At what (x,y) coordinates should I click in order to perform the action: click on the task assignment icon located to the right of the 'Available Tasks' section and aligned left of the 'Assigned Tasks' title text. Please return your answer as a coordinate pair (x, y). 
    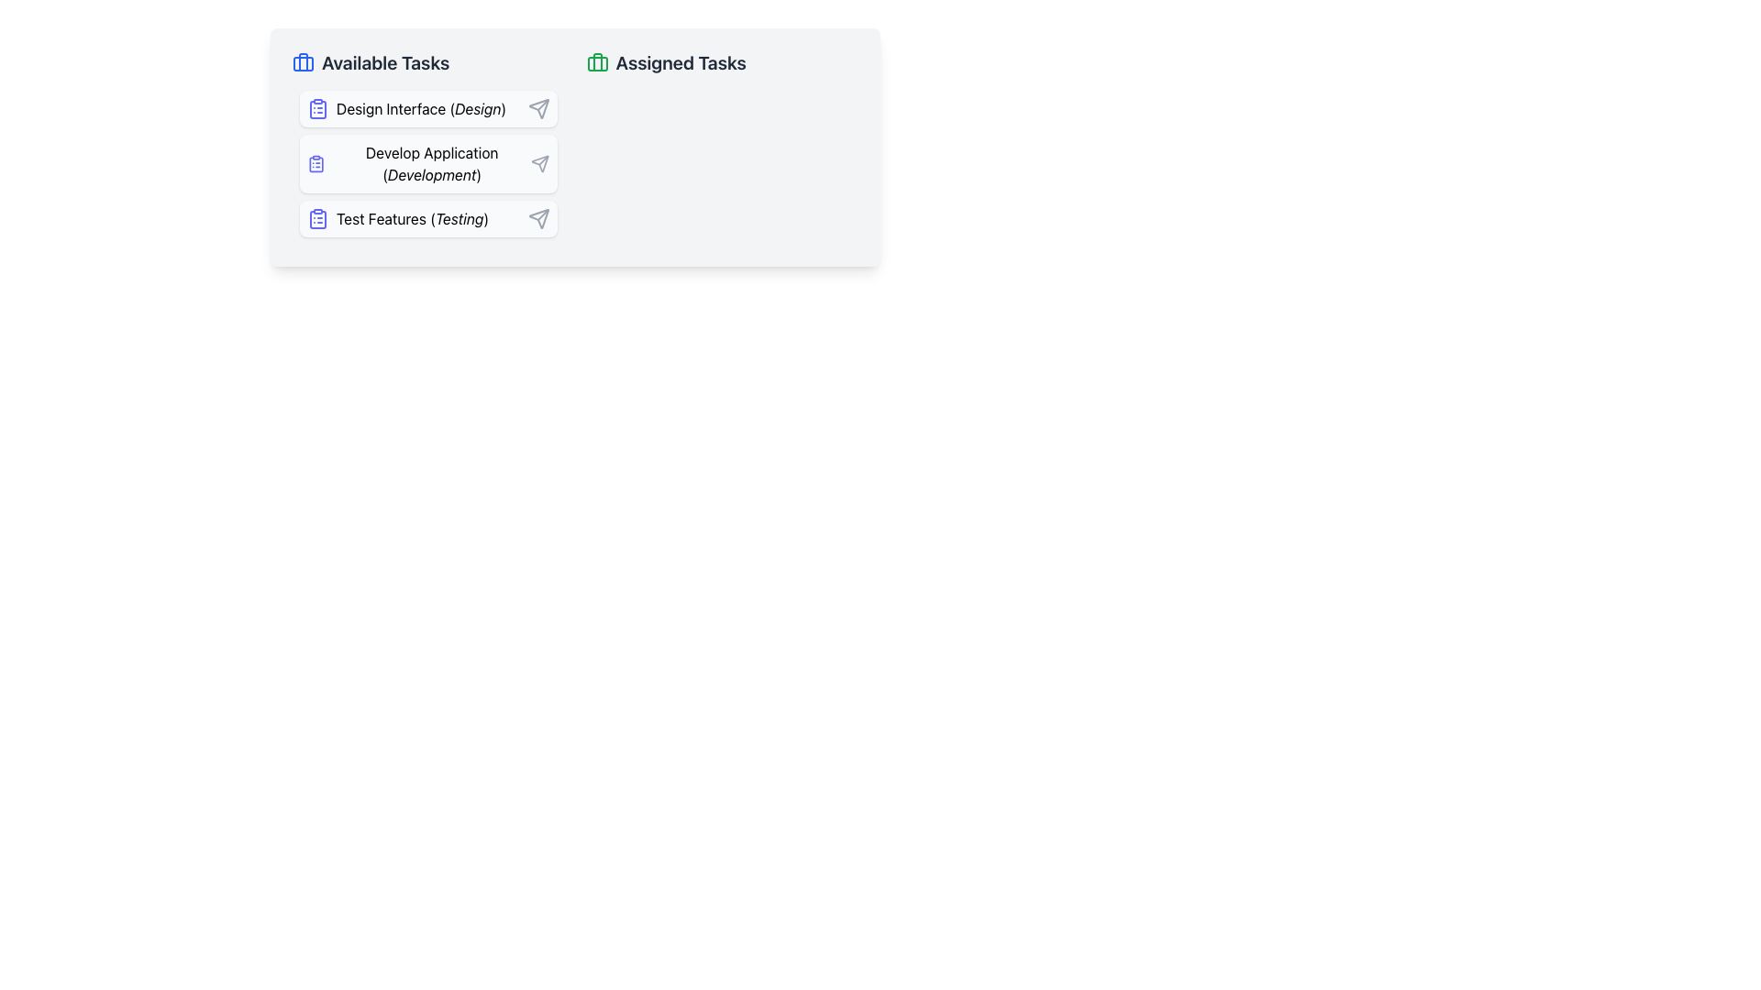
    Looking at the image, I should click on (597, 62).